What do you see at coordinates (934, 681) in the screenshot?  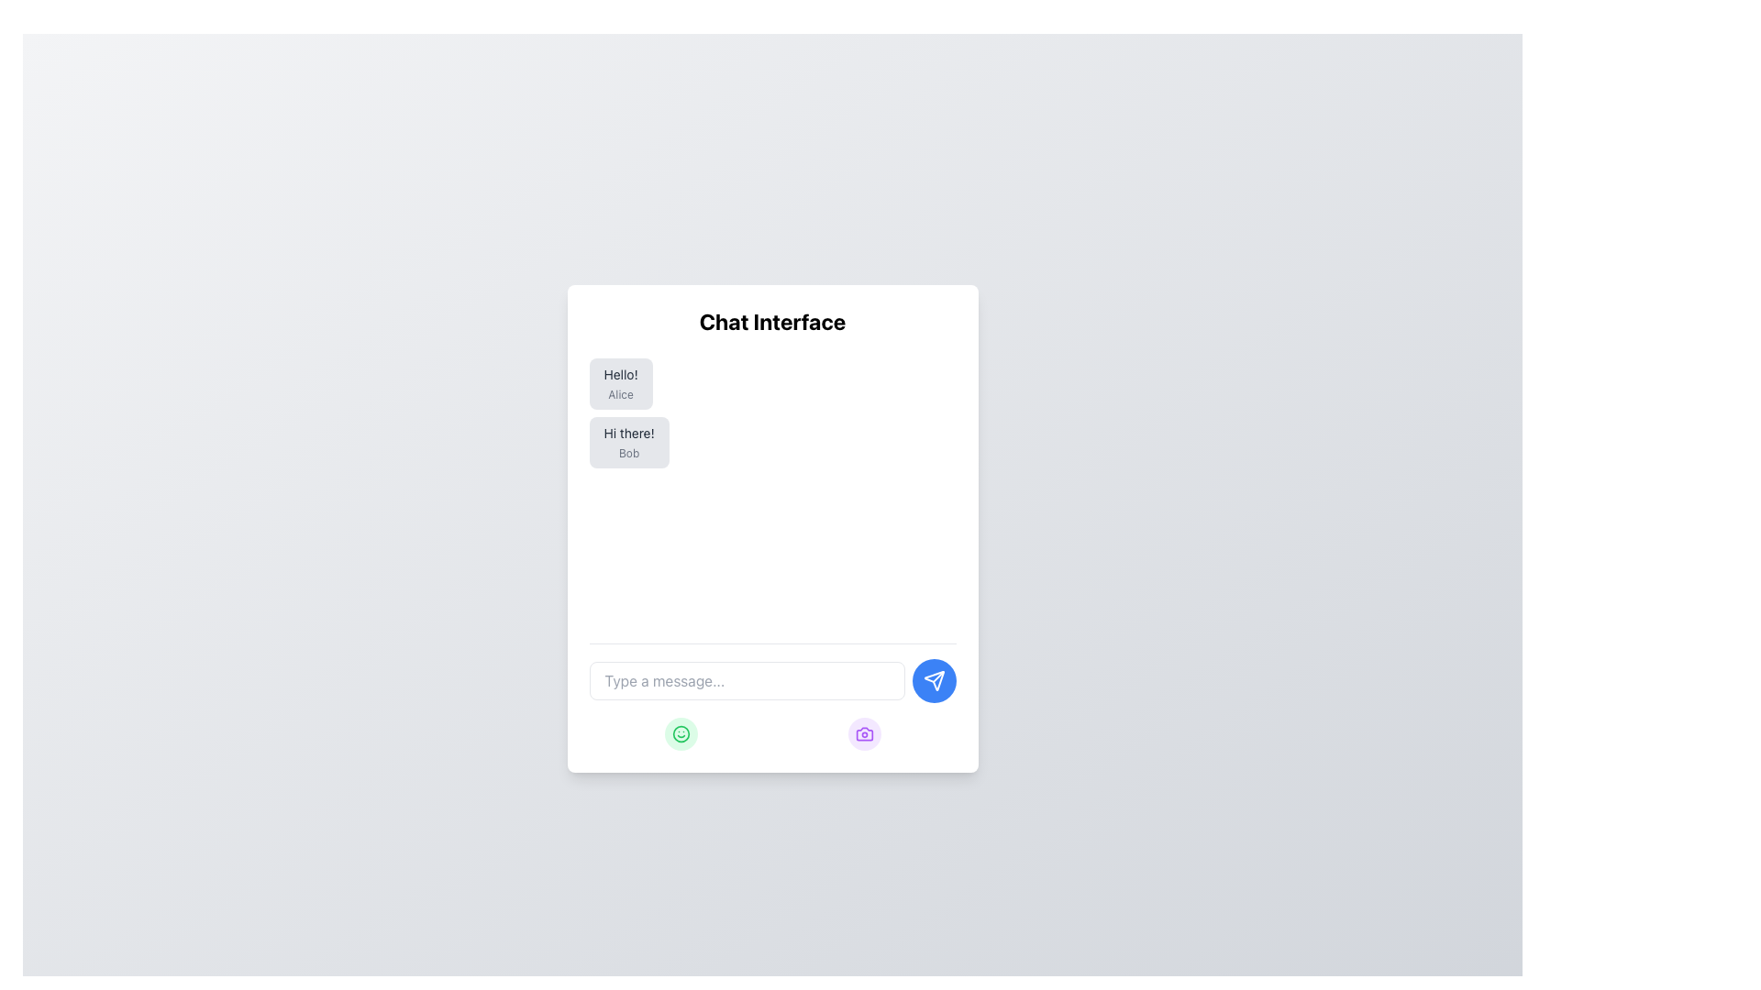 I see `the send button located at the lower-right corner of the chat interface` at bounding box center [934, 681].